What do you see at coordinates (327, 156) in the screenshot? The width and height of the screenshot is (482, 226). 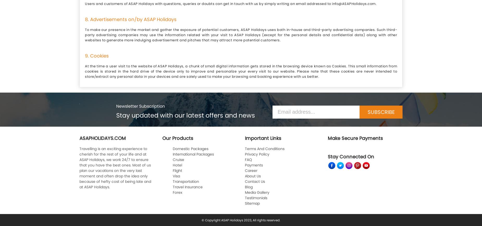 I see `'Stay Connected On'` at bounding box center [327, 156].